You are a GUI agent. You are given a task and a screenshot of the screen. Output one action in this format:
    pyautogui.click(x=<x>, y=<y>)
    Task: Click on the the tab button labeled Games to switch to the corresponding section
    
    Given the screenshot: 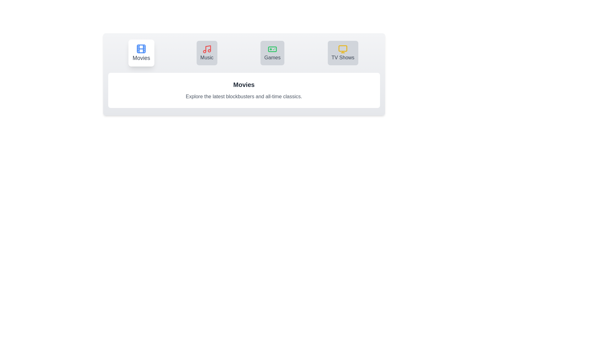 What is the action you would take?
    pyautogui.click(x=272, y=53)
    